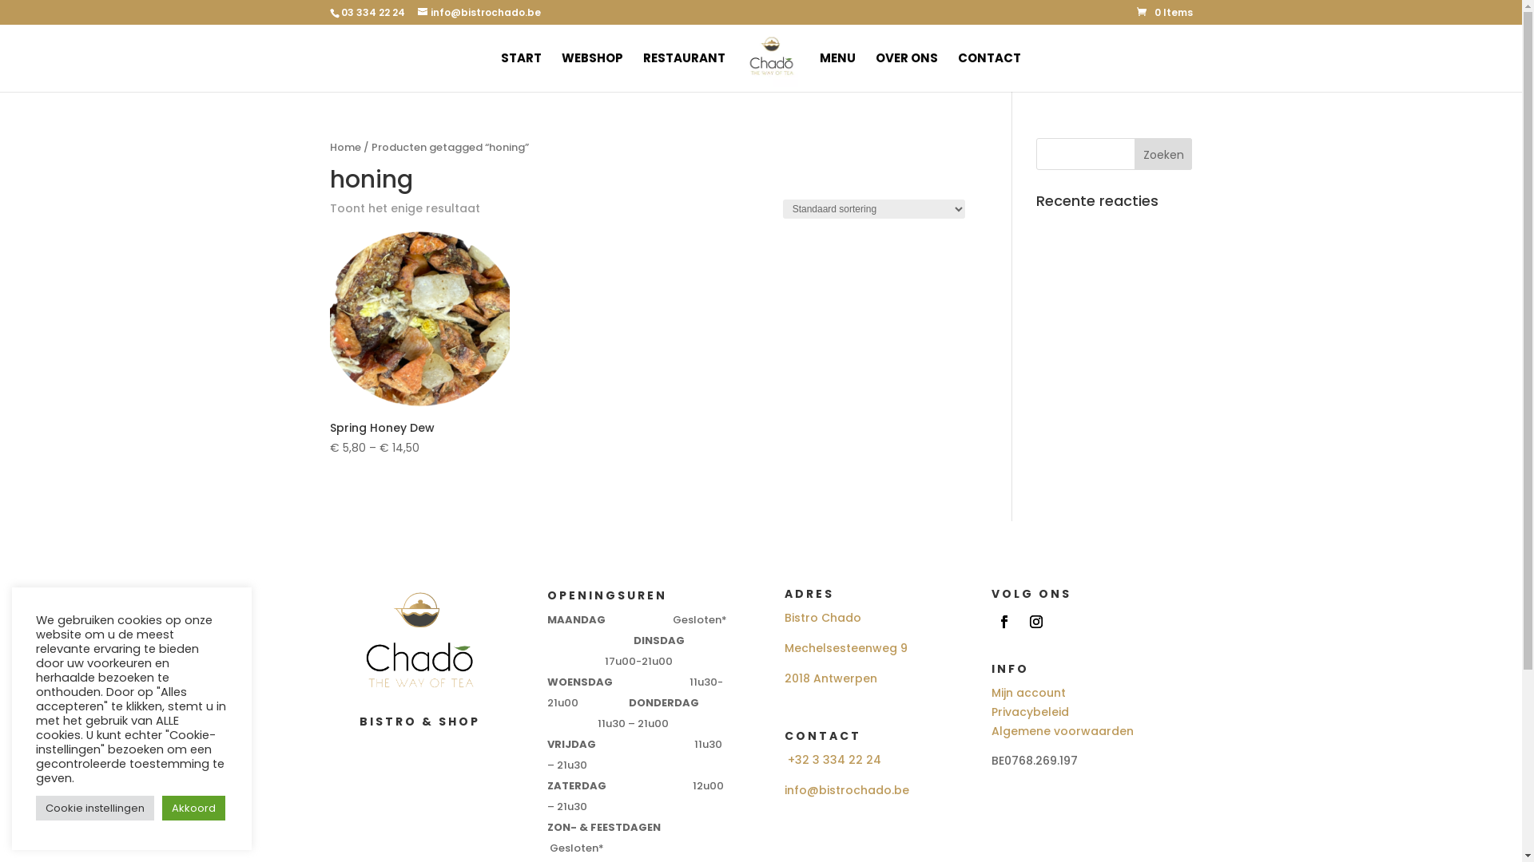 This screenshot has height=862, width=1534. I want to click on 'Follow on Facebook', so click(1003, 621).